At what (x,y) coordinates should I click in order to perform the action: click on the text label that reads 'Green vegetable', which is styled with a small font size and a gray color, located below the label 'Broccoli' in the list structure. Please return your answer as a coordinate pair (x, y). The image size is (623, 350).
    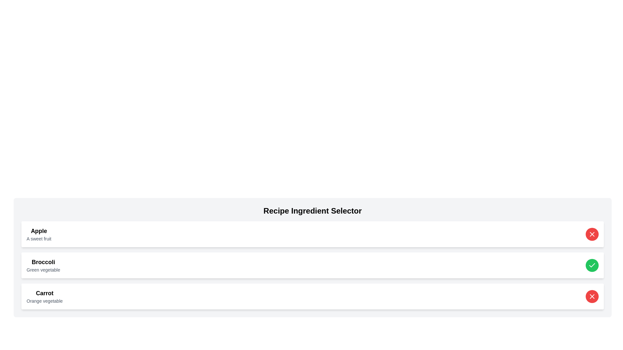
    Looking at the image, I should click on (43, 270).